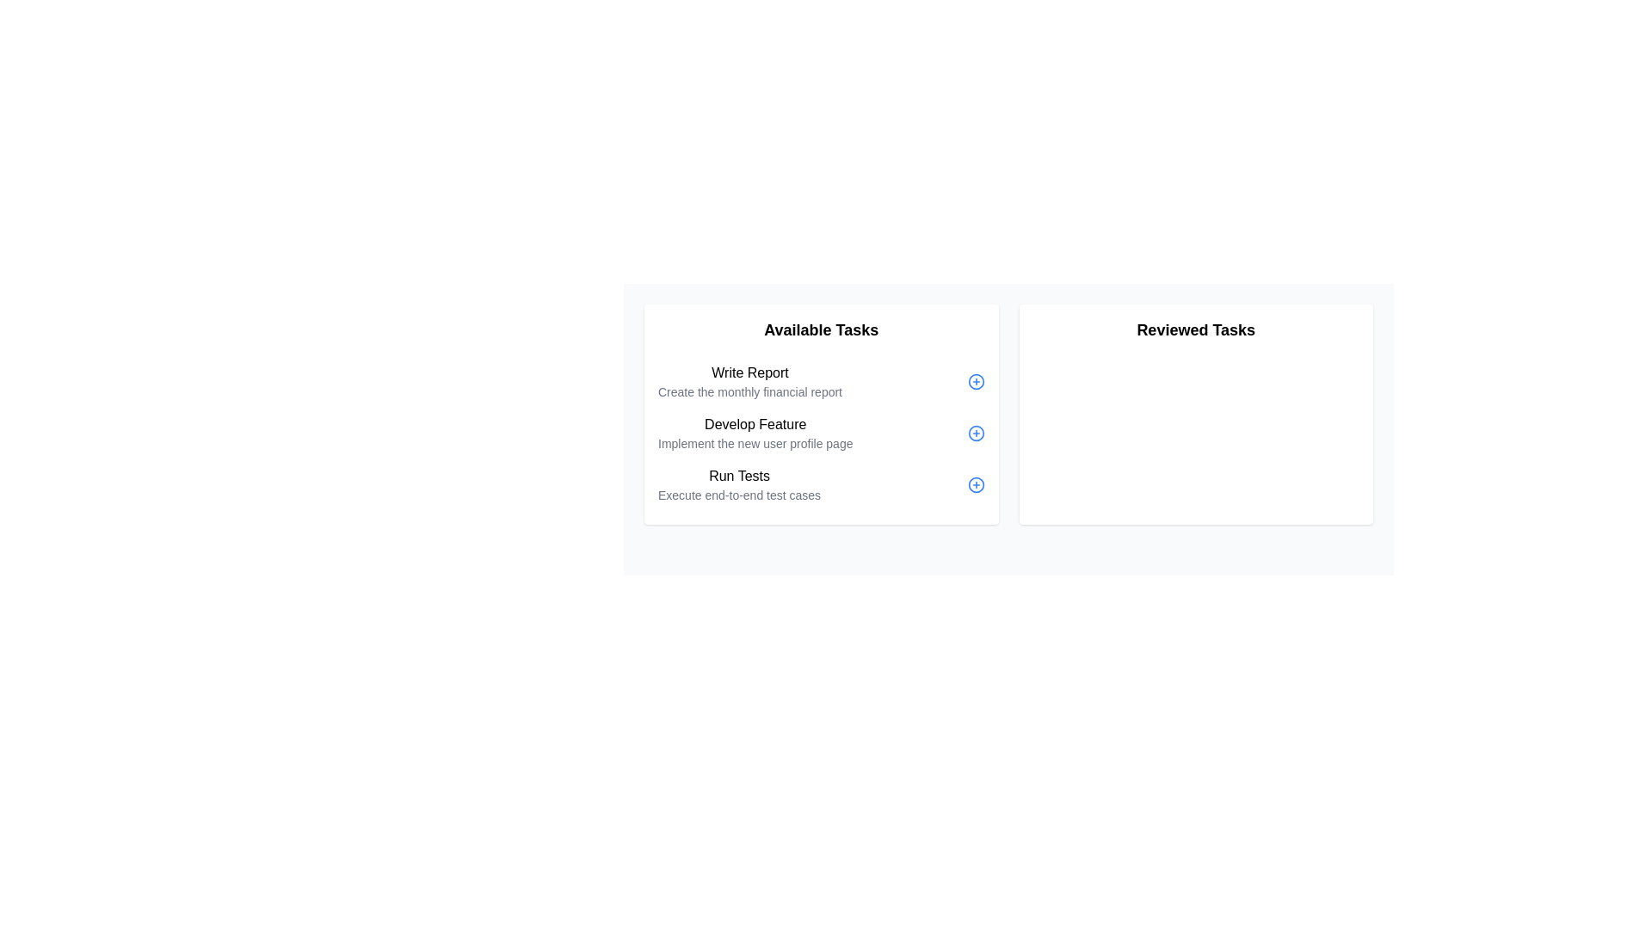 The image size is (1652, 929). I want to click on the text block styled with a small font size and gray color located below the 'Develop Feature' title in the 'Available Tasks' section, so click(755, 443).